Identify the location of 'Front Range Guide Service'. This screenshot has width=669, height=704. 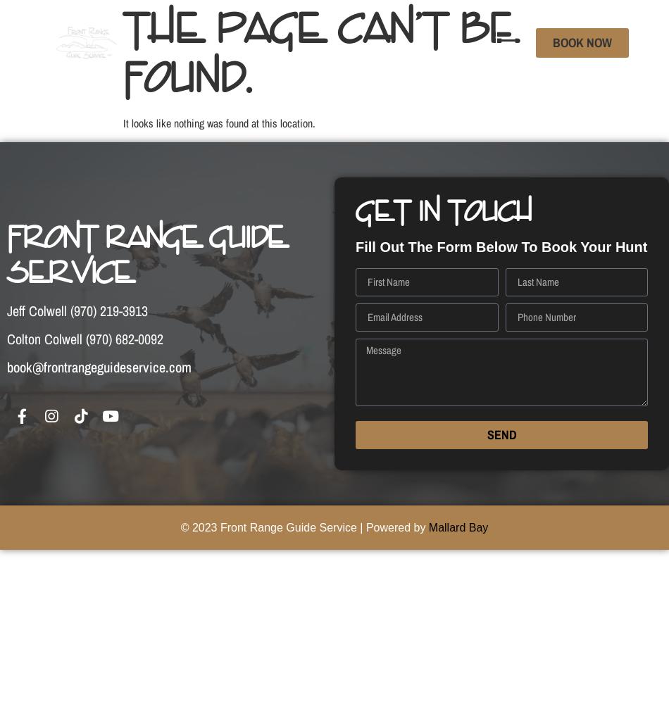
(147, 254).